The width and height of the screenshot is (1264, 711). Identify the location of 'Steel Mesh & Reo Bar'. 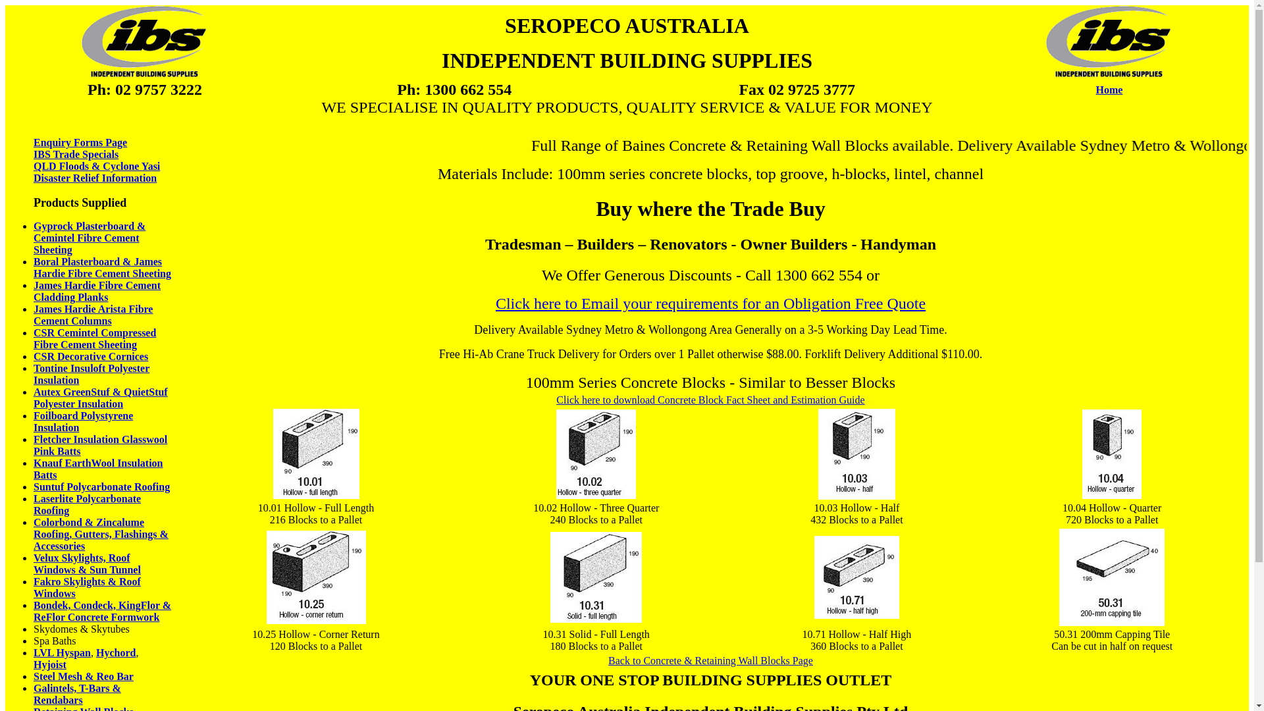
(34, 676).